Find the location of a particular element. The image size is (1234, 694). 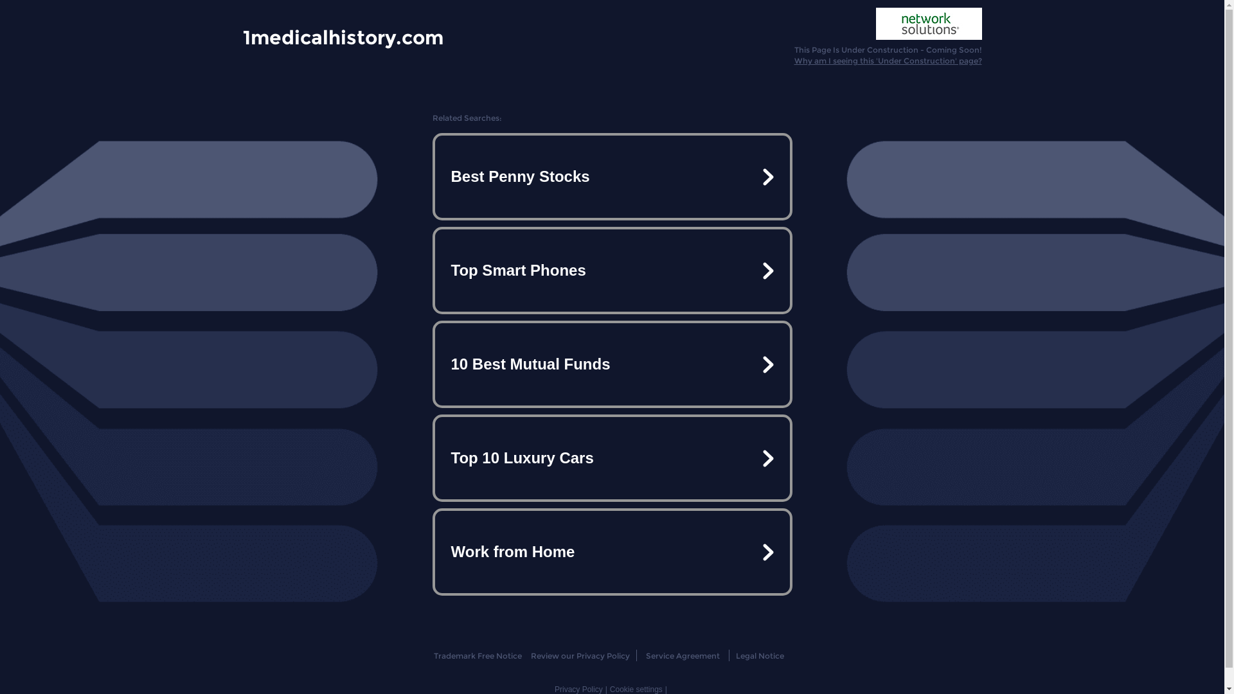

'Review our Privacy Policy' is located at coordinates (530, 655).